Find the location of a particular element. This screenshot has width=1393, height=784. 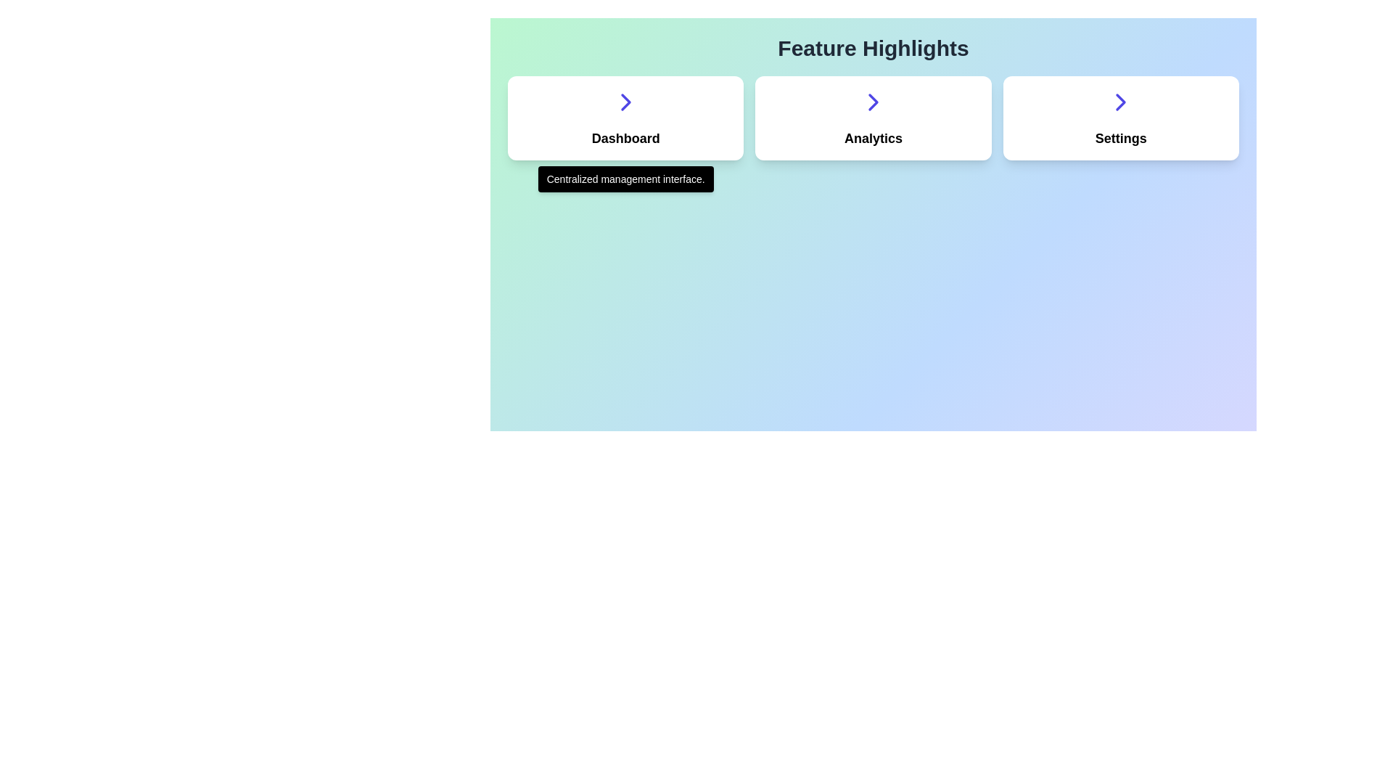

the navigation icon located at the center-top of the 'Analytics' card is located at coordinates (873, 102).